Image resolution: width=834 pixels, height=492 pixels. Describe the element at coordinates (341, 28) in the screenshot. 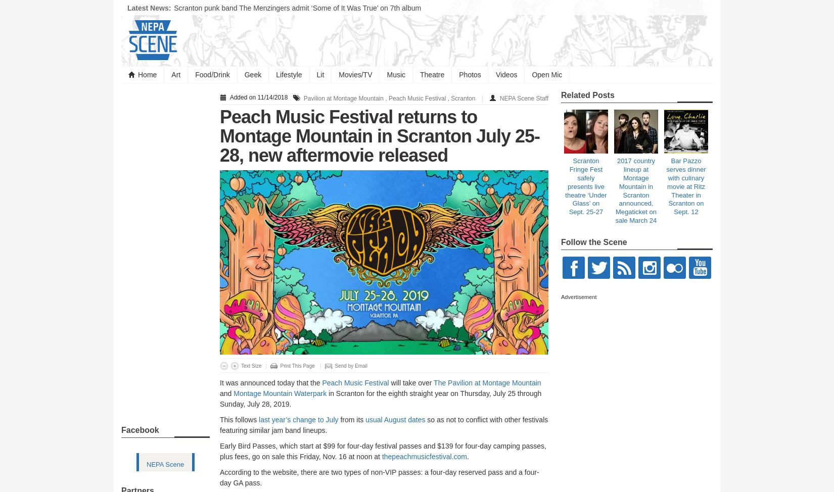

I see `'Pa. country/folk singer Zandi Holup signs with Big Loud Records, picks ‘Gas Station Flowers’ as new single'` at that location.